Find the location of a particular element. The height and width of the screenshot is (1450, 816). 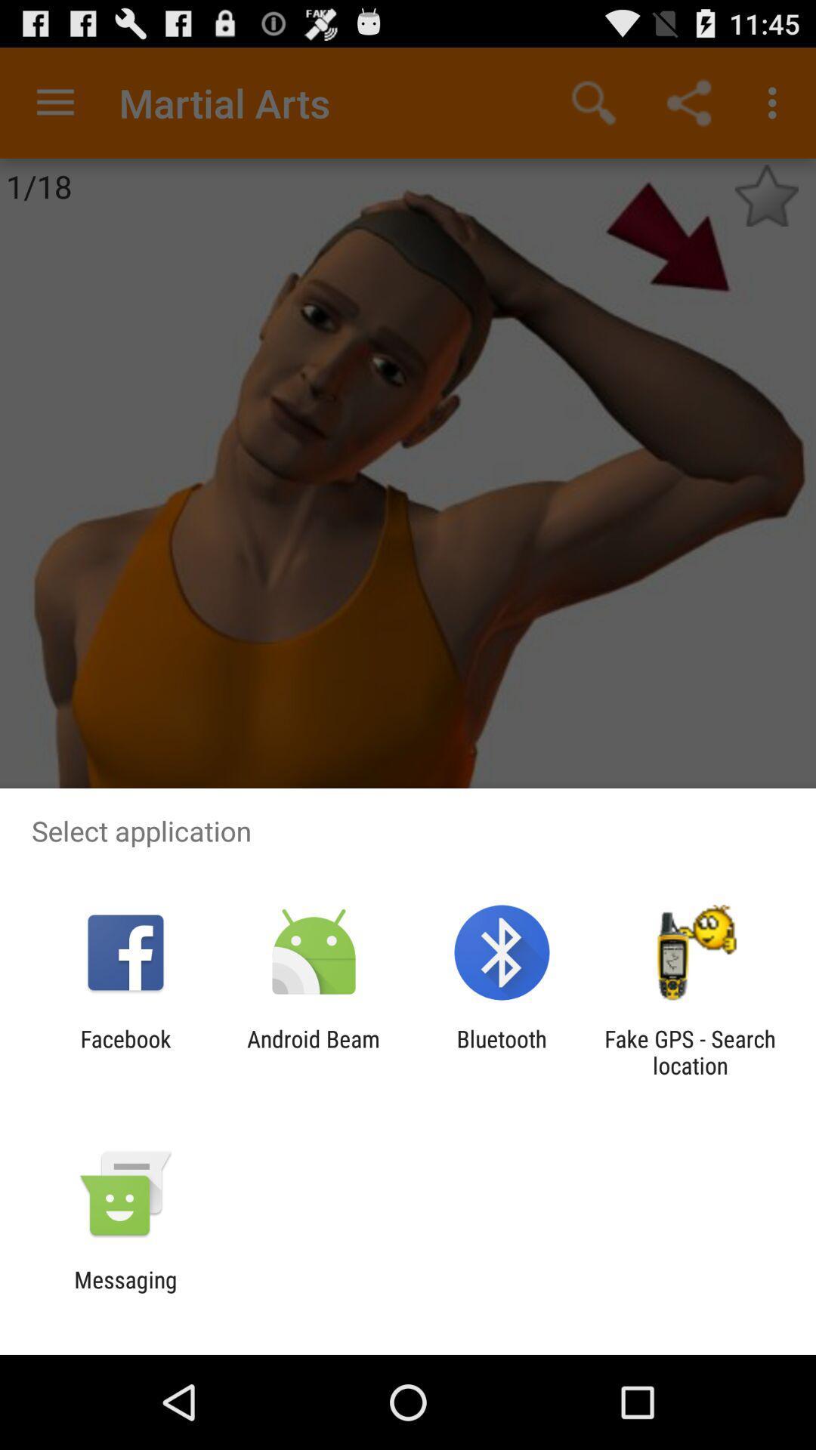

the item to the right of the facebook app is located at coordinates (313, 1051).